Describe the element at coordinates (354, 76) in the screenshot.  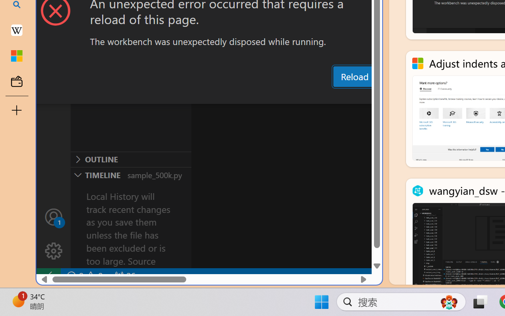
I see `'Reload'` at that location.